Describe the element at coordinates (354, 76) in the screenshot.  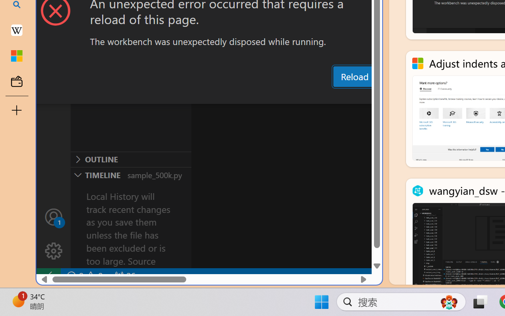
I see `'Reload'` at that location.